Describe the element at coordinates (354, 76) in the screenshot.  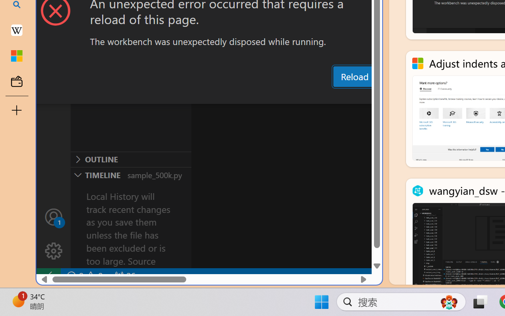
I see `'Reload'` at that location.